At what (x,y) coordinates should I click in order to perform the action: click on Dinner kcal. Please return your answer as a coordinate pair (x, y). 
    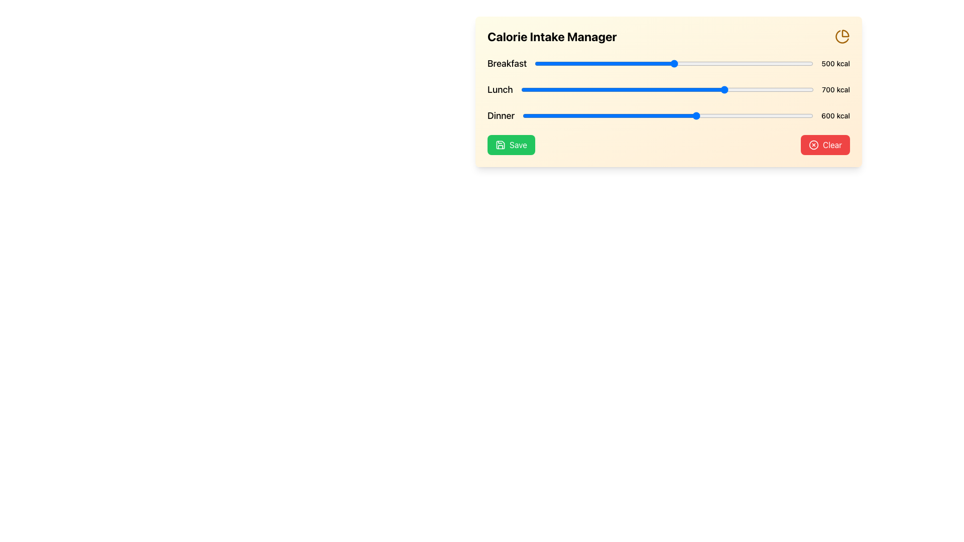
    Looking at the image, I should click on (600, 115).